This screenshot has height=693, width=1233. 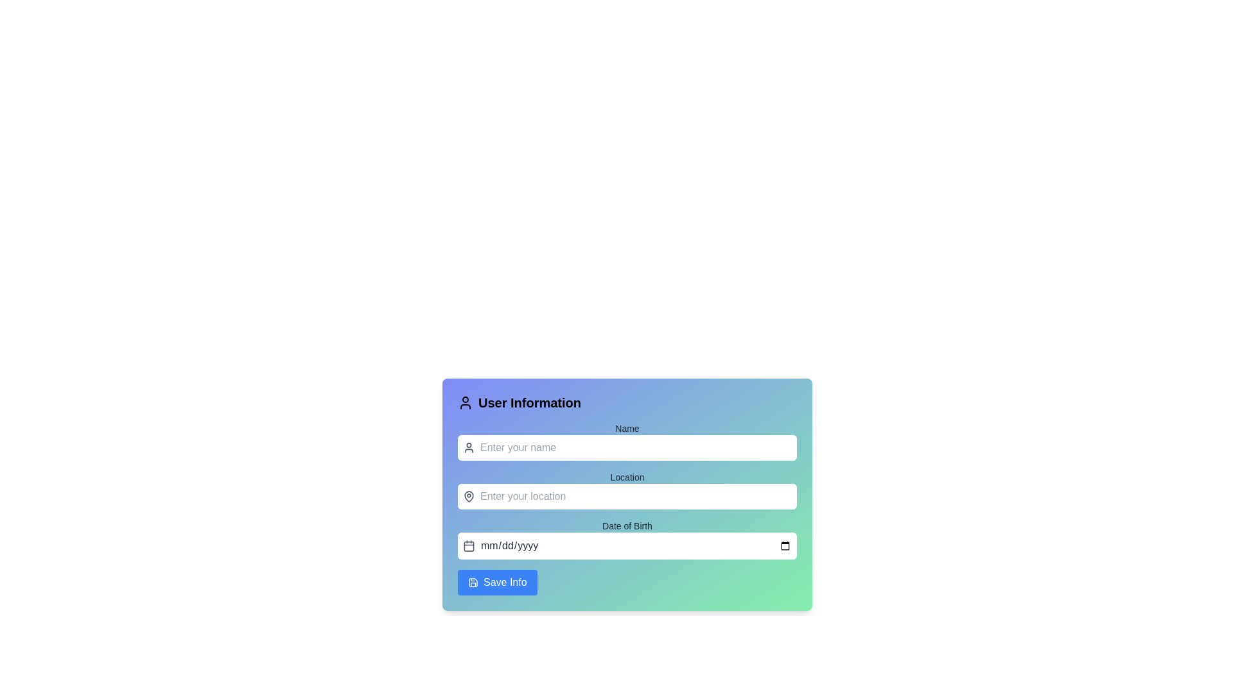 What do you see at coordinates (496, 582) in the screenshot?
I see `the blue button labeled 'Save Info' with a floppy disk icon` at bounding box center [496, 582].